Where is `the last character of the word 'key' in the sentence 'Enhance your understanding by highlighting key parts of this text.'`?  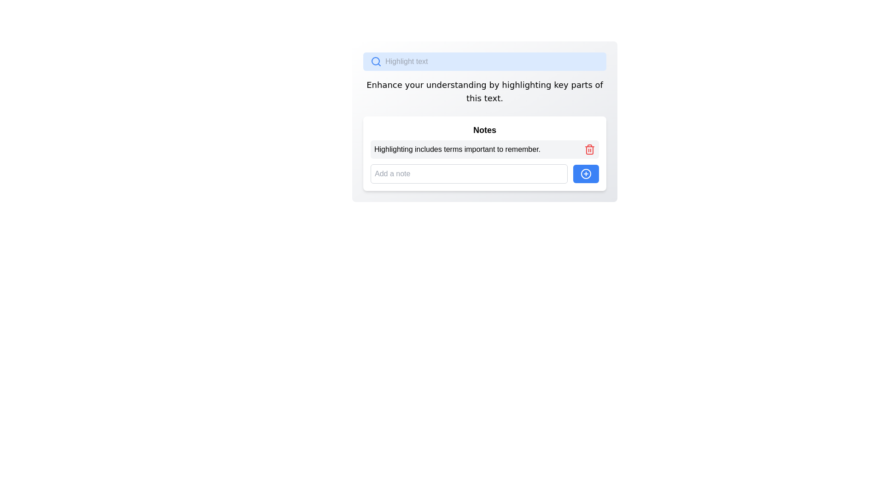
the last character of the word 'key' in the sentence 'Enhance your understanding by highlighting key parts of this text.' is located at coordinates (560, 85).